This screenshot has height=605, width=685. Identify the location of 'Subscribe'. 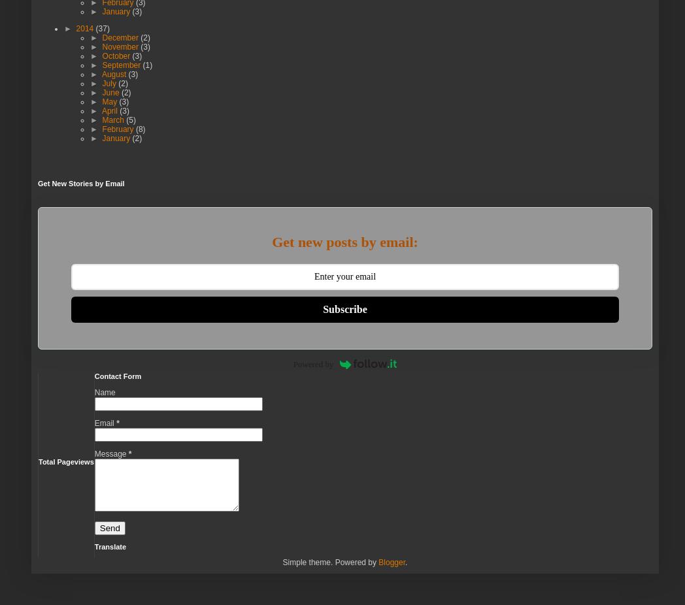
(344, 308).